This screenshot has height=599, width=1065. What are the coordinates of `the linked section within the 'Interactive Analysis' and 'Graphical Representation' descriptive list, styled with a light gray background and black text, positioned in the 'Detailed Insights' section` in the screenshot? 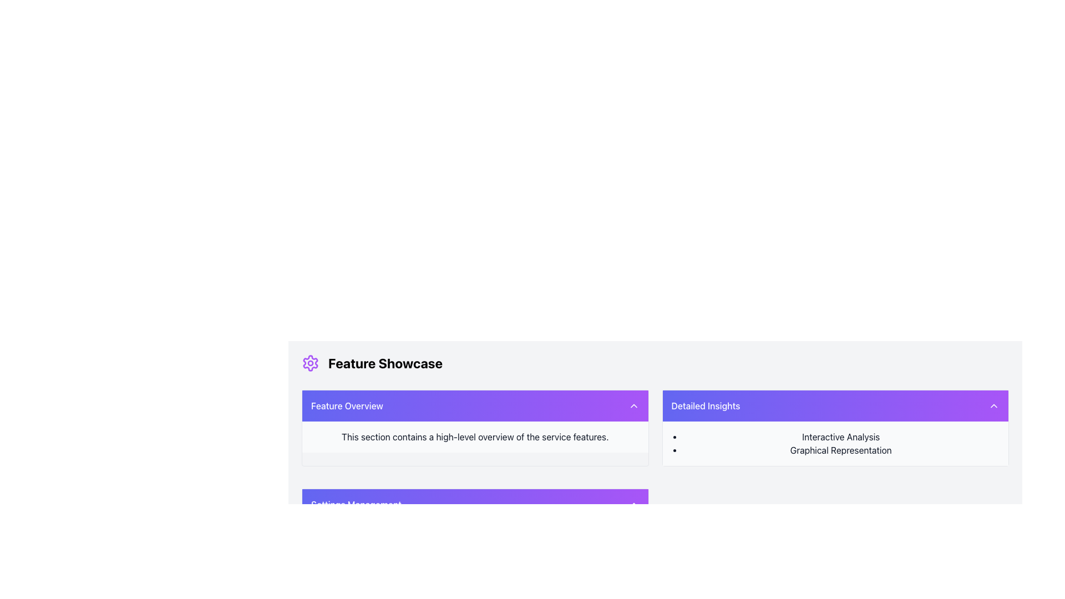 It's located at (835, 443).